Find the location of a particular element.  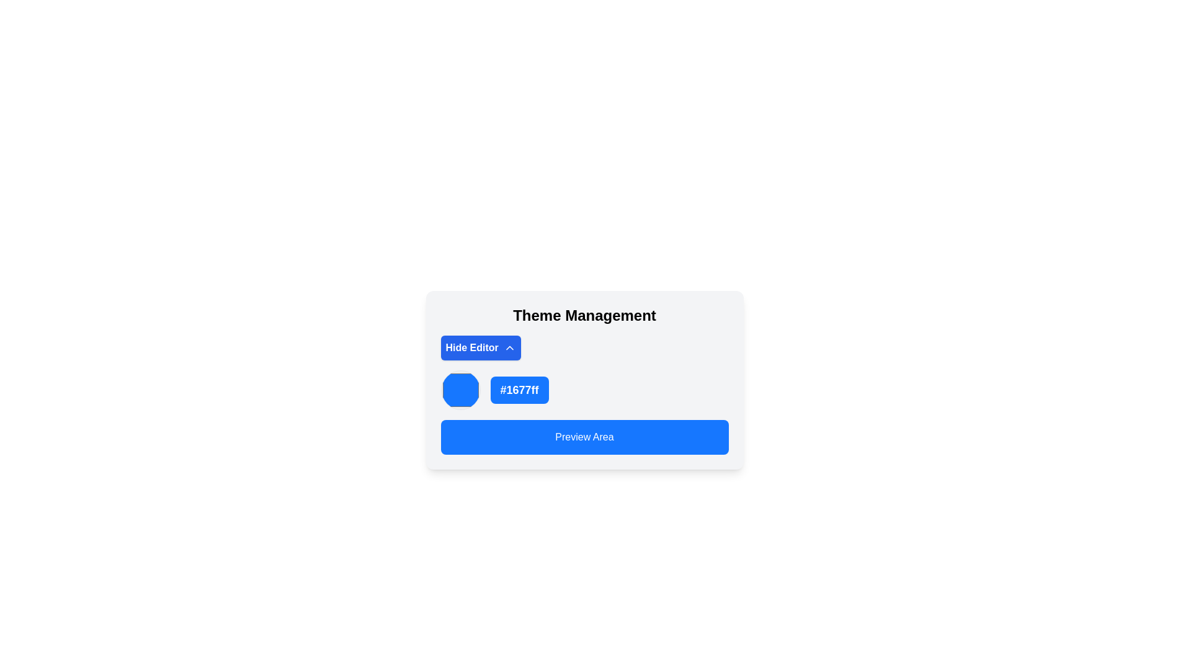

the Text display button with the bright blue background and bold white text '#1677ff', located in the upper section of the 'Theme Management' panel, to the right of the circular color preview element and below the 'Hide Editor' dropdown is located at coordinates (519, 389).